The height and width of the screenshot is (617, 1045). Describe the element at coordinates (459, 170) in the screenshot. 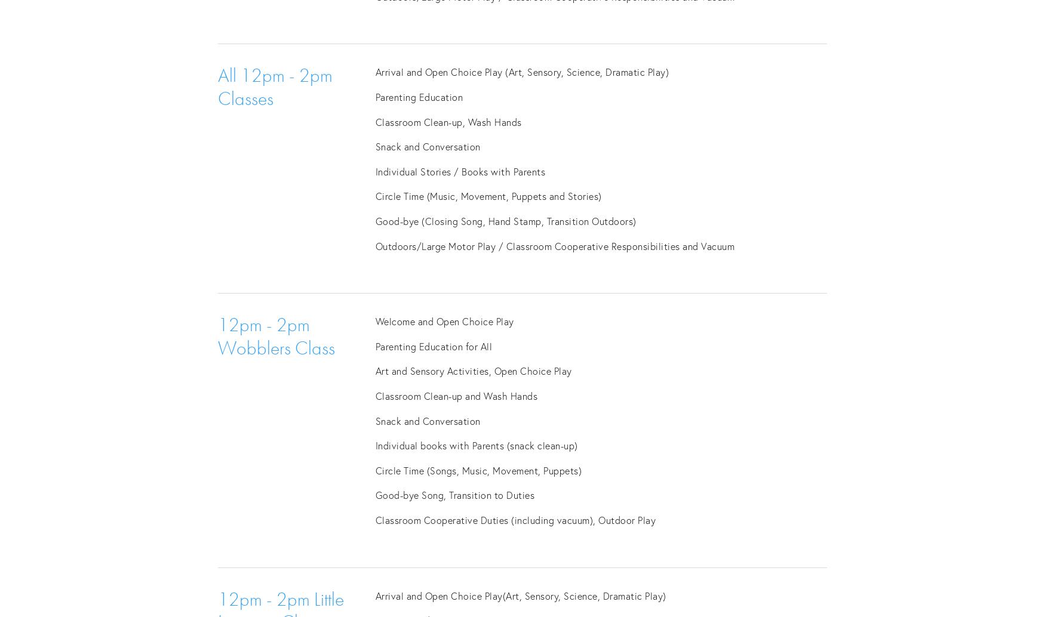

I see `'Individual Stories / Books with Parents'` at that location.